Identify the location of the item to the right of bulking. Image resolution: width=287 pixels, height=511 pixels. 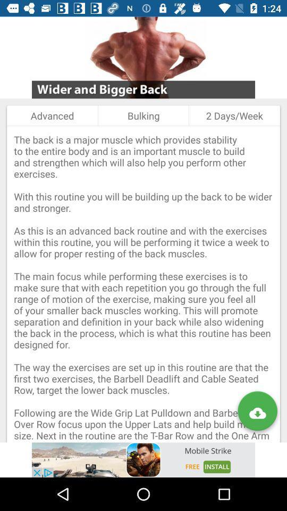
(234, 116).